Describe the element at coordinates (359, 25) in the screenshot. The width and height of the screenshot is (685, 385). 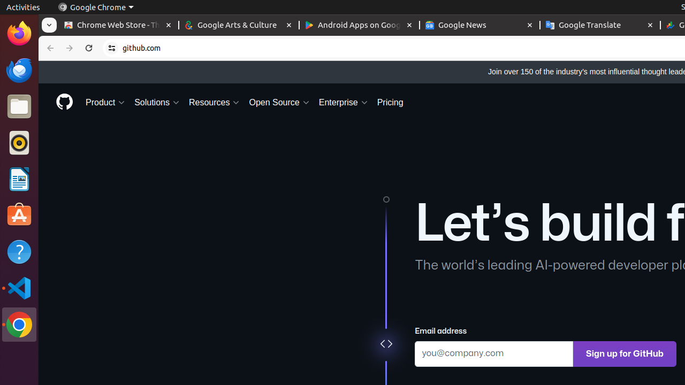
I see `'Android Apps on Google Play - Memory usage - 52.4 MB'` at that location.